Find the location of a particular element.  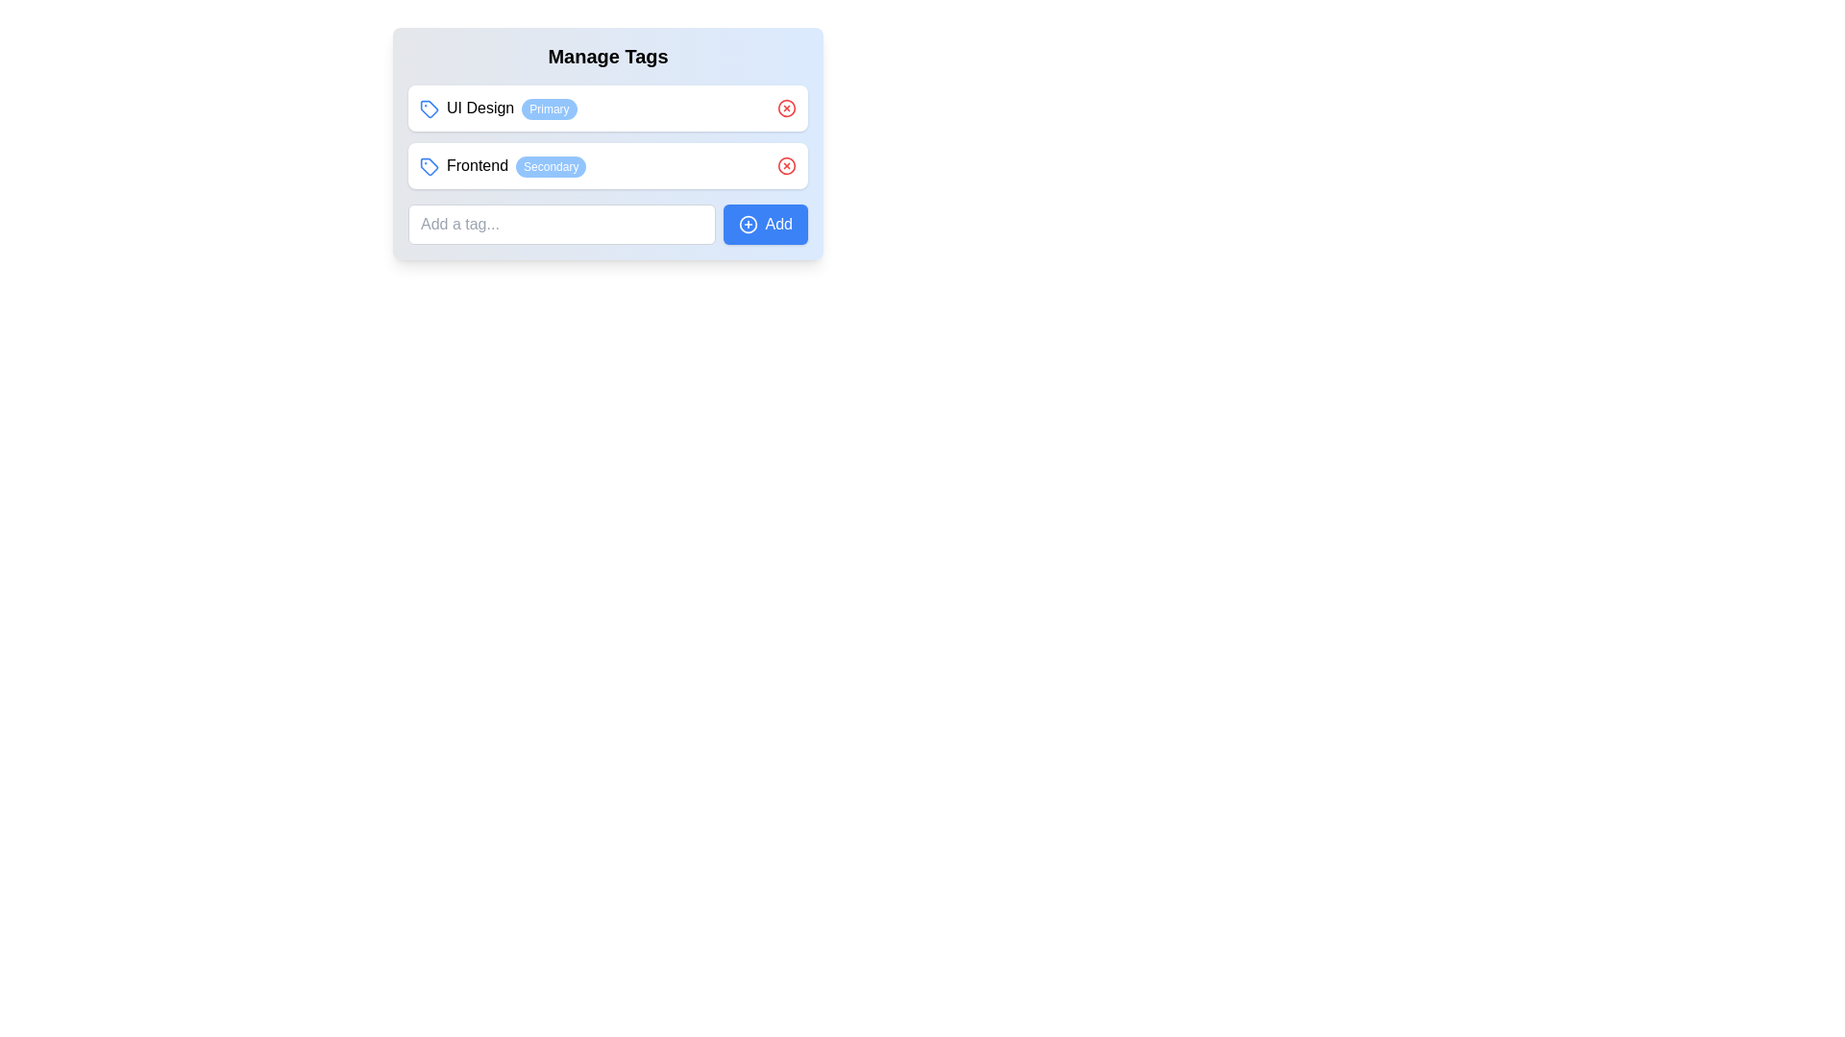

the SVG circle element with a plus symbol inside it located in the 'Manage Tags' panel, next to the 'Add' button is located at coordinates (747, 224).